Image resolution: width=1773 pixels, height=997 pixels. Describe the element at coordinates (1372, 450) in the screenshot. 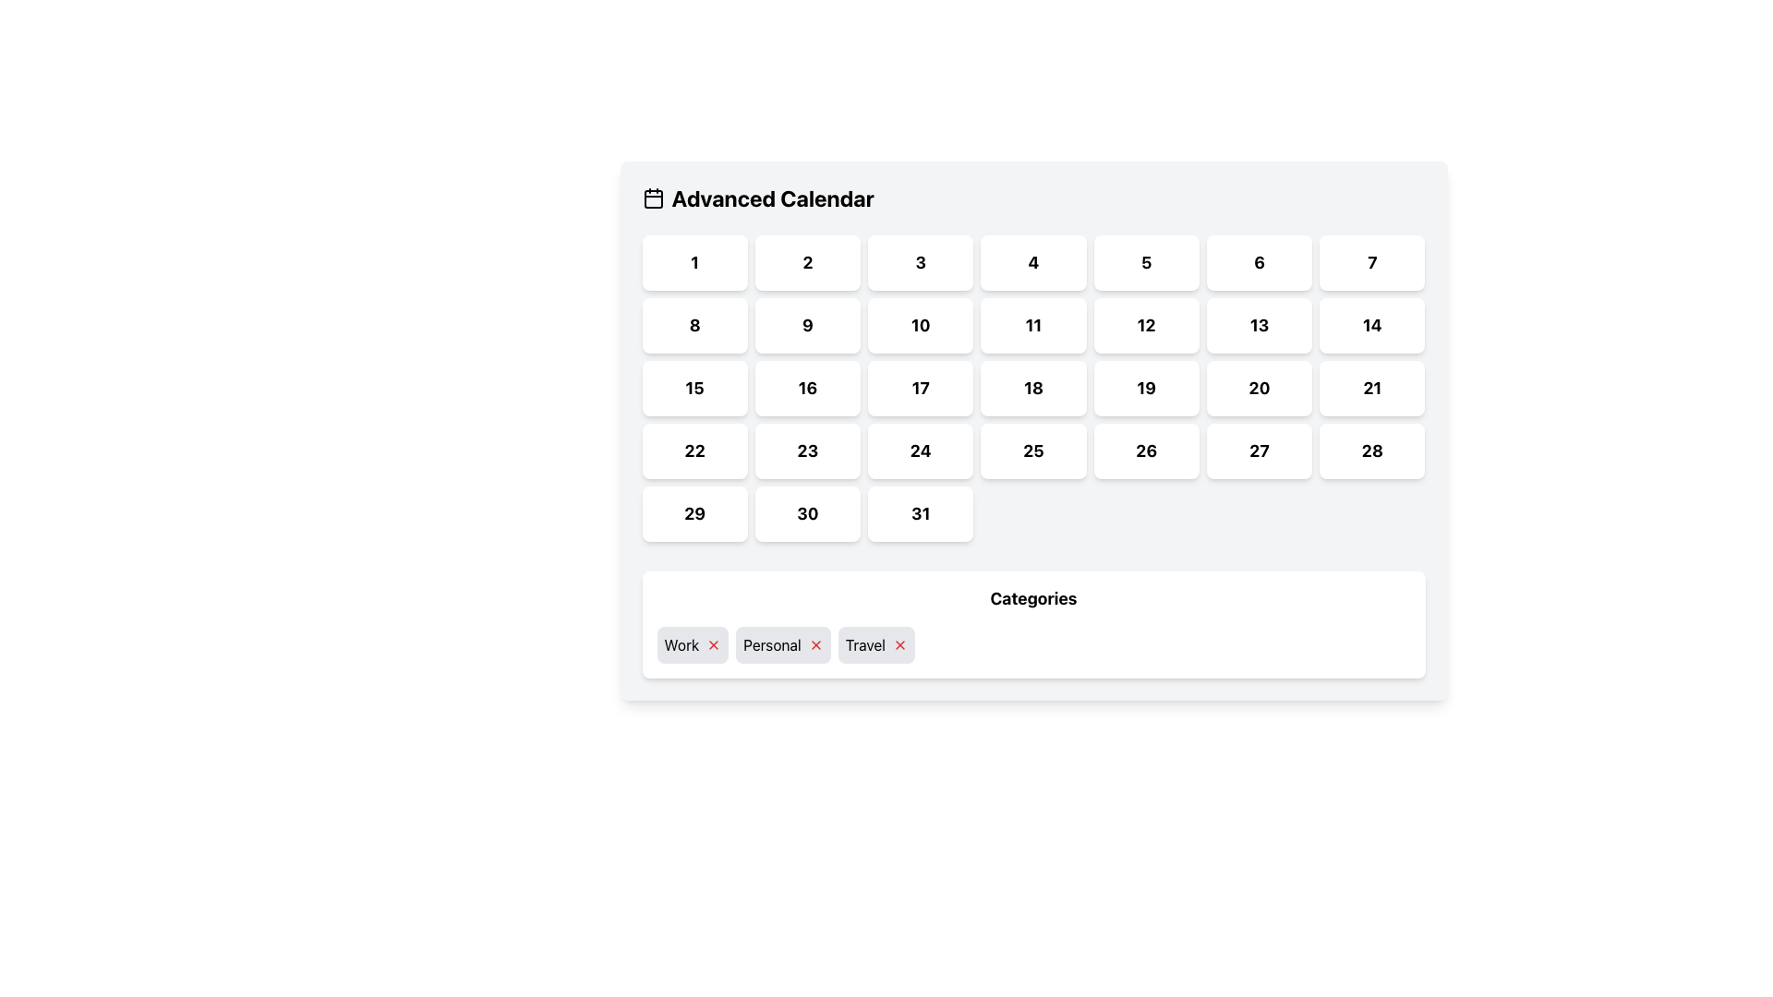

I see `number '28' displayed in the calendar grid, located in the last column of the fourth row` at that location.